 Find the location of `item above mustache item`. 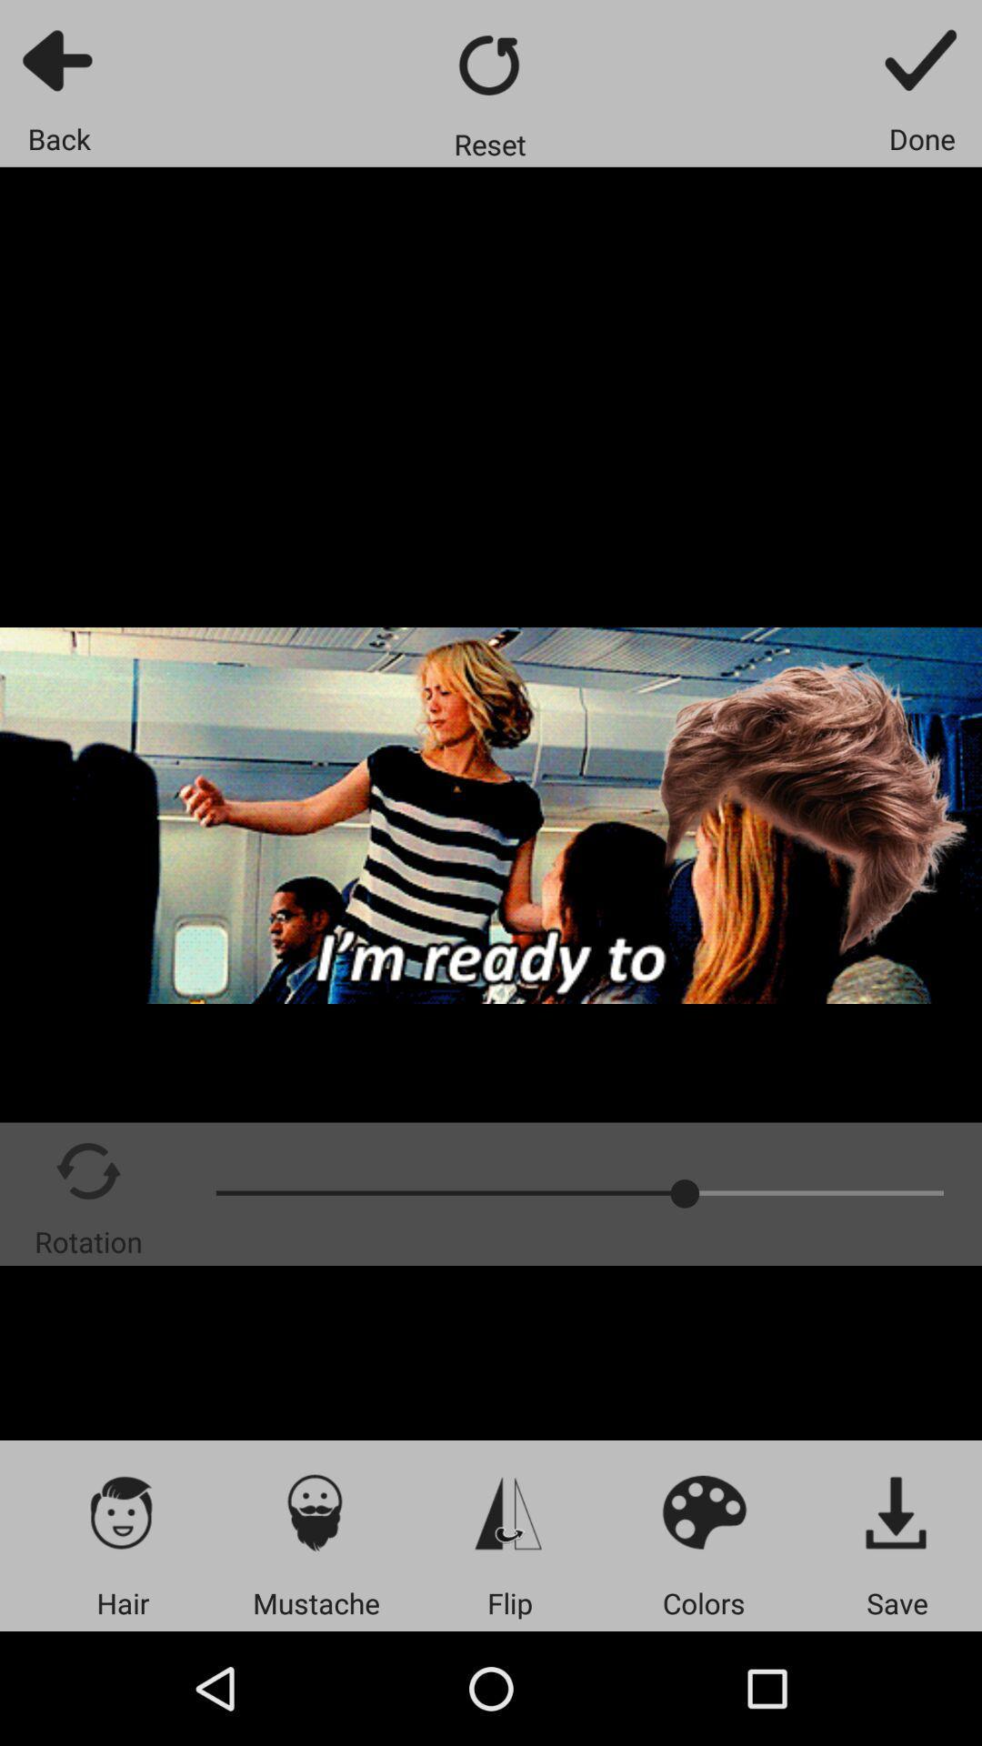

item above mustache item is located at coordinates (315, 1511).